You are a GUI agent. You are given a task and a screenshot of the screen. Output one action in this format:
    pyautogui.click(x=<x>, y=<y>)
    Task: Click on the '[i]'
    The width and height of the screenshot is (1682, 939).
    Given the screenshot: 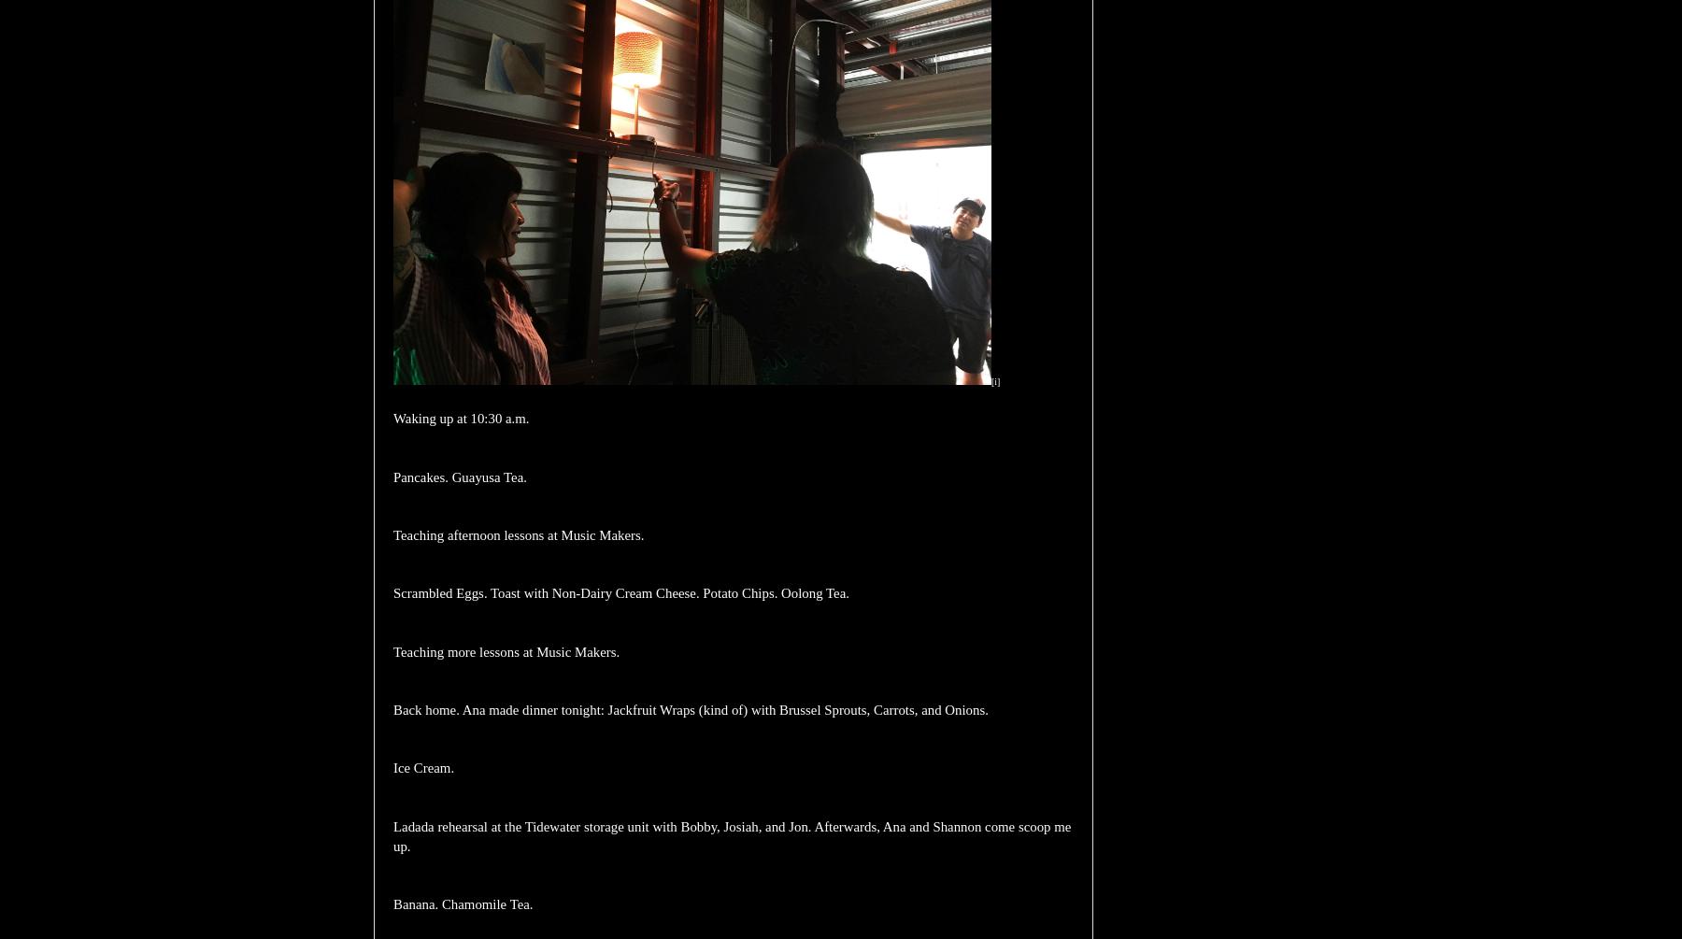 What is the action you would take?
    pyautogui.click(x=995, y=380)
    